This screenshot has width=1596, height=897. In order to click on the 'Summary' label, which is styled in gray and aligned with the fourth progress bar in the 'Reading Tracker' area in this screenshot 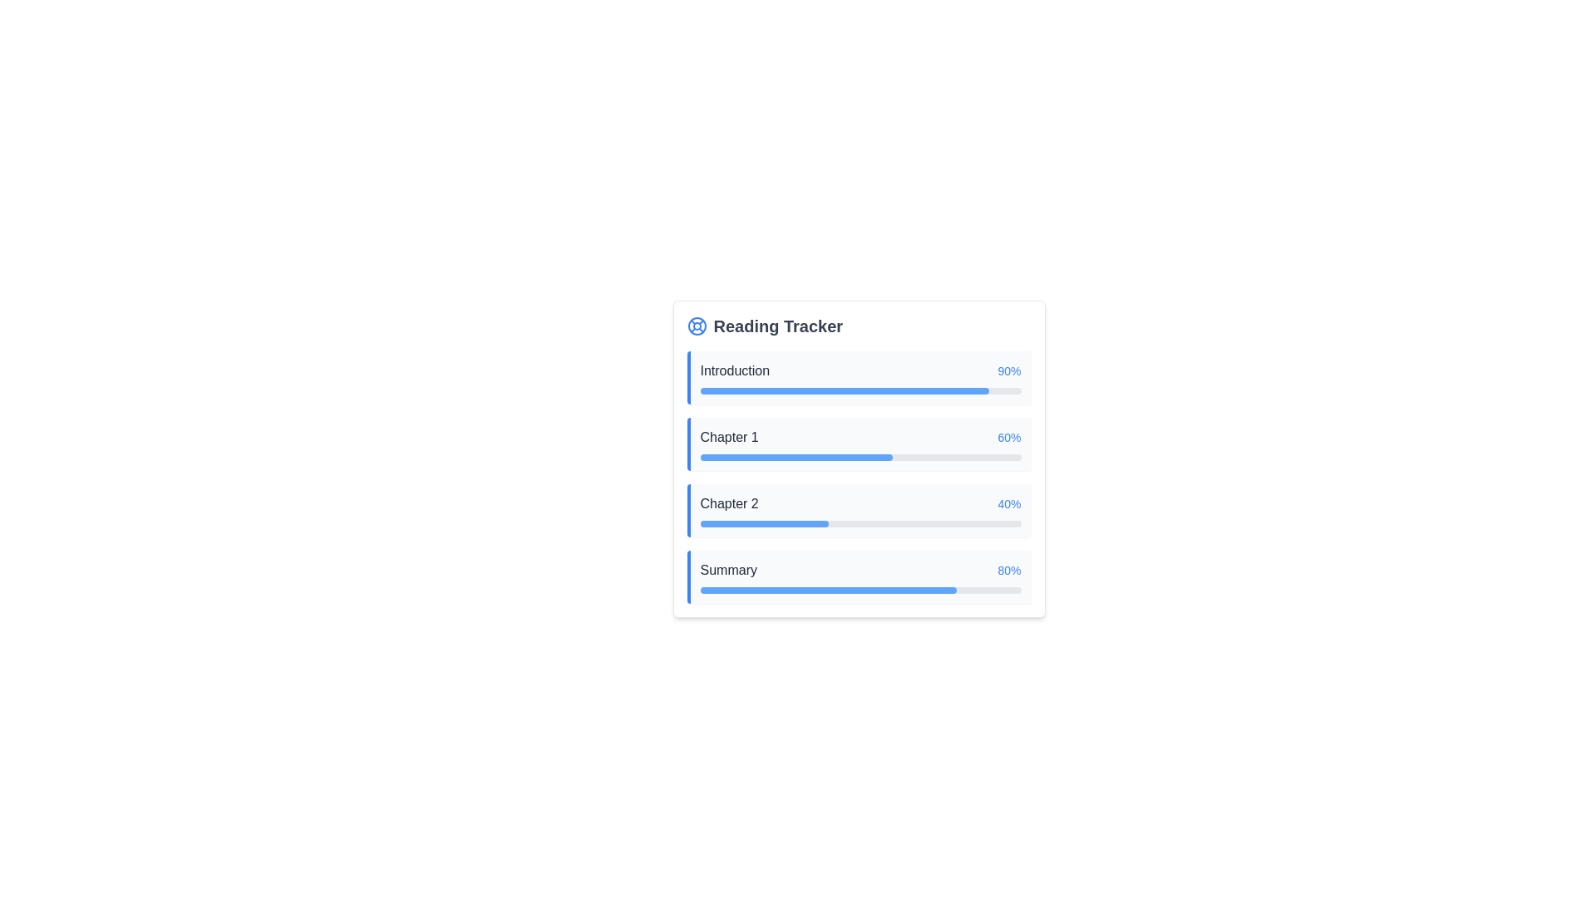, I will do `click(728, 569)`.